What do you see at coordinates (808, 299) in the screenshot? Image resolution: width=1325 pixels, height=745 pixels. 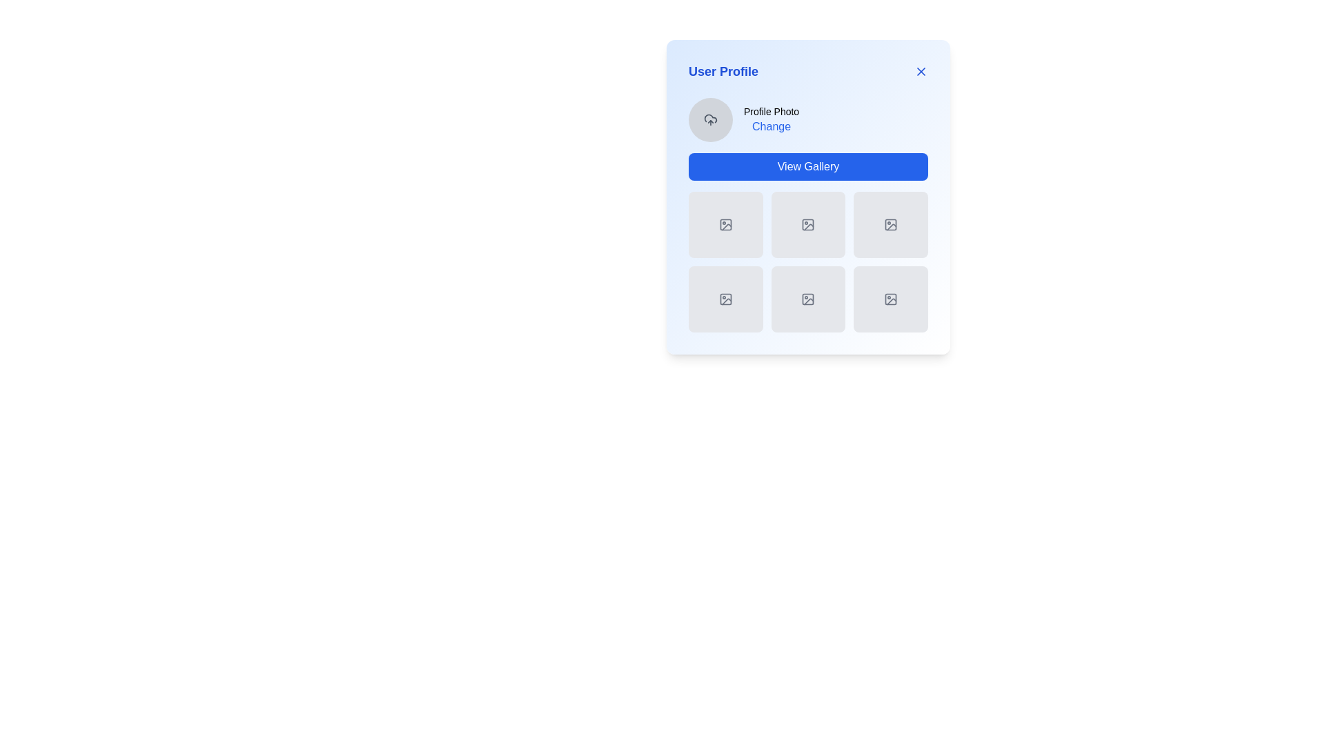 I see `the static visual placeholder located in the second row and second column of the grid layout below the 'View Gallery' button in the 'User Profile' pane` at bounding box center [808, 299].